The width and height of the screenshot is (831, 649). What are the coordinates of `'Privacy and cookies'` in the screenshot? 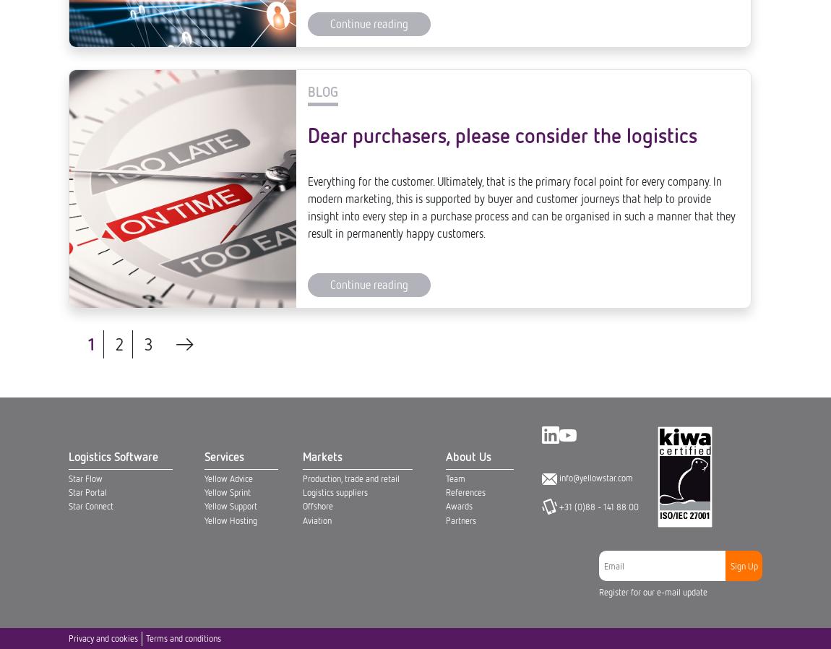 It's located at (67, 148).